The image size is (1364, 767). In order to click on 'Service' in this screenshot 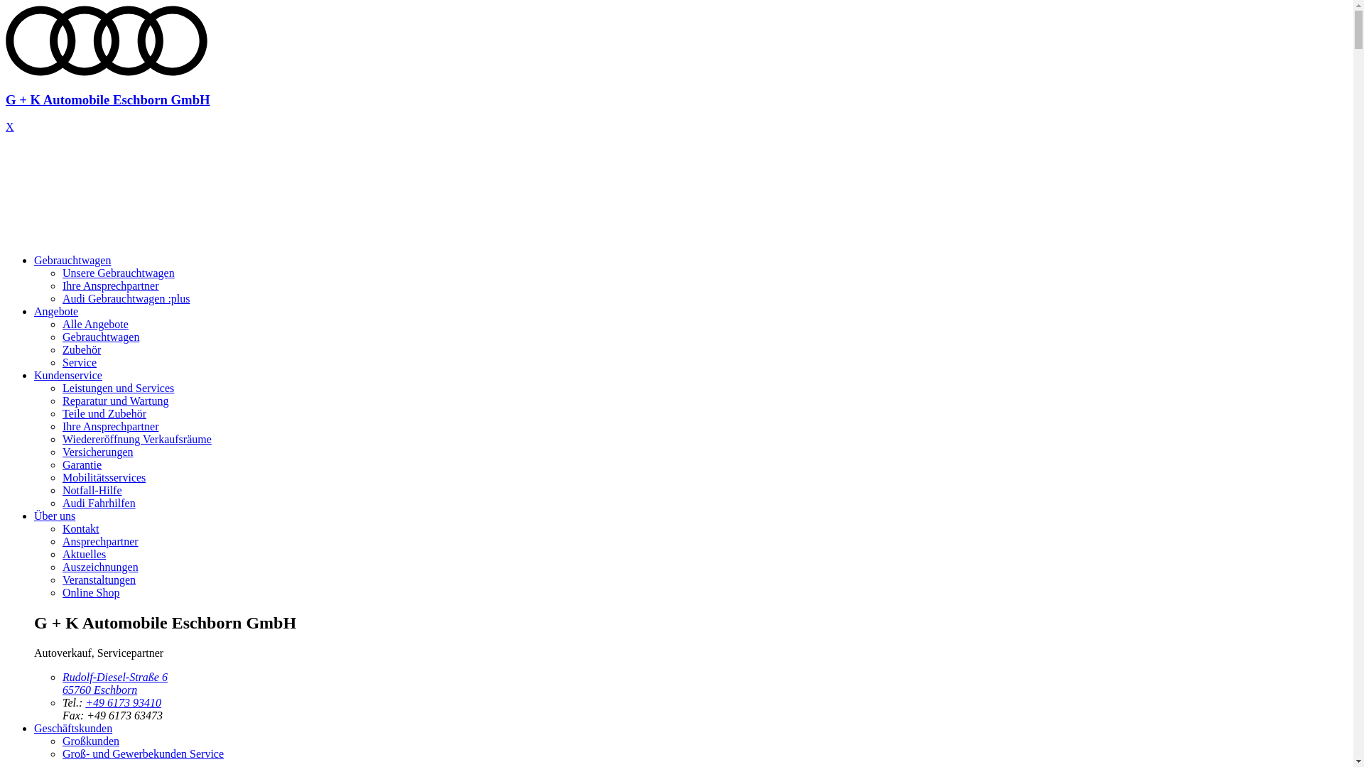, I will do `click(78, 361)`.